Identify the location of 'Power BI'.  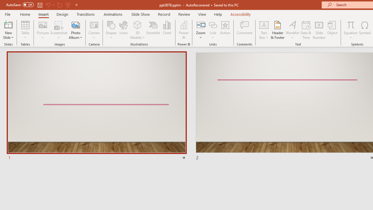
(184, 30).